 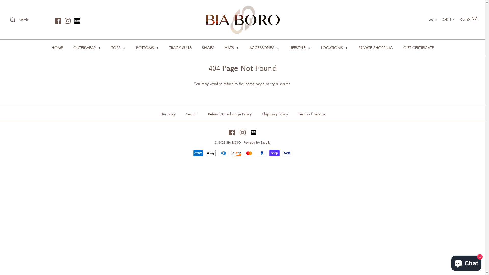 What do you see at coordinates (257, 114) in the screenshot?
I see `'Shipping Policy'` at bounding box center [257, 114].